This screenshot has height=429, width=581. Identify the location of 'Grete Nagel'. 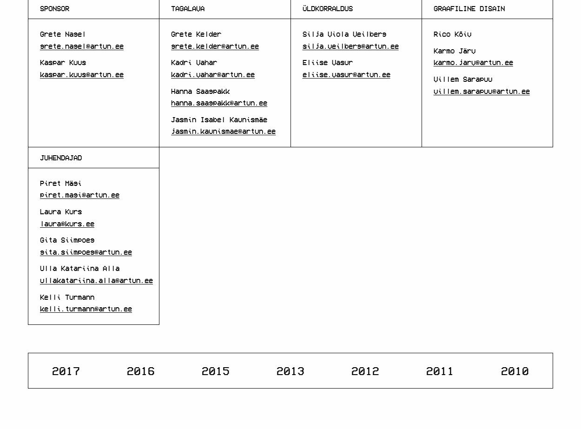
(63, 34).